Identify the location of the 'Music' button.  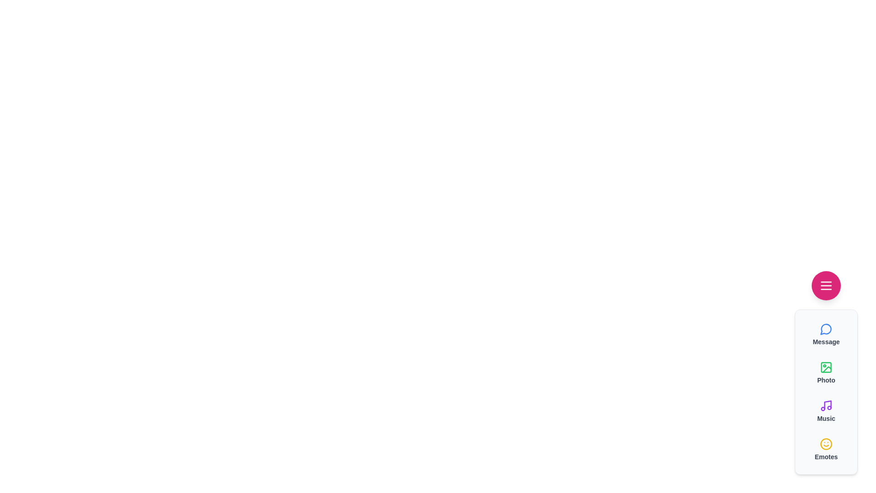
(826, 411).